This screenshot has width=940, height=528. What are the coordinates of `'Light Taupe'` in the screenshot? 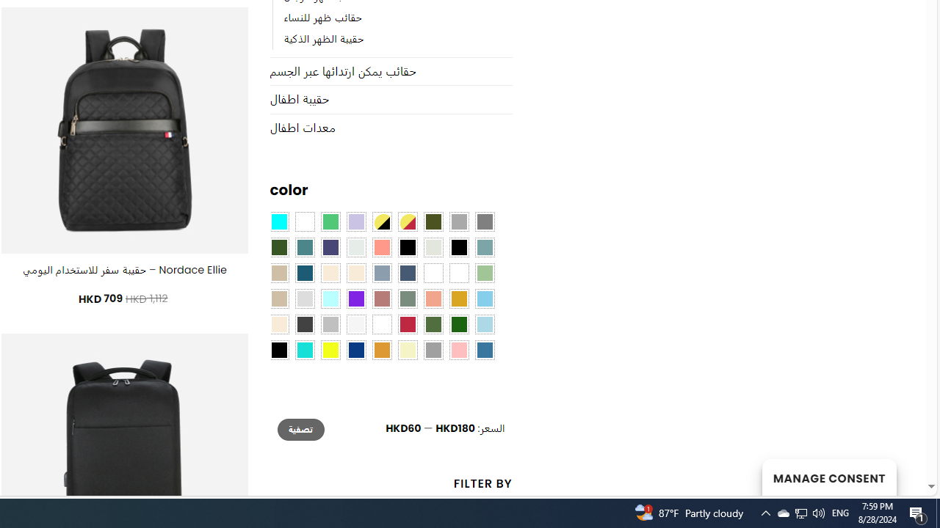 It's located at (279, 298).